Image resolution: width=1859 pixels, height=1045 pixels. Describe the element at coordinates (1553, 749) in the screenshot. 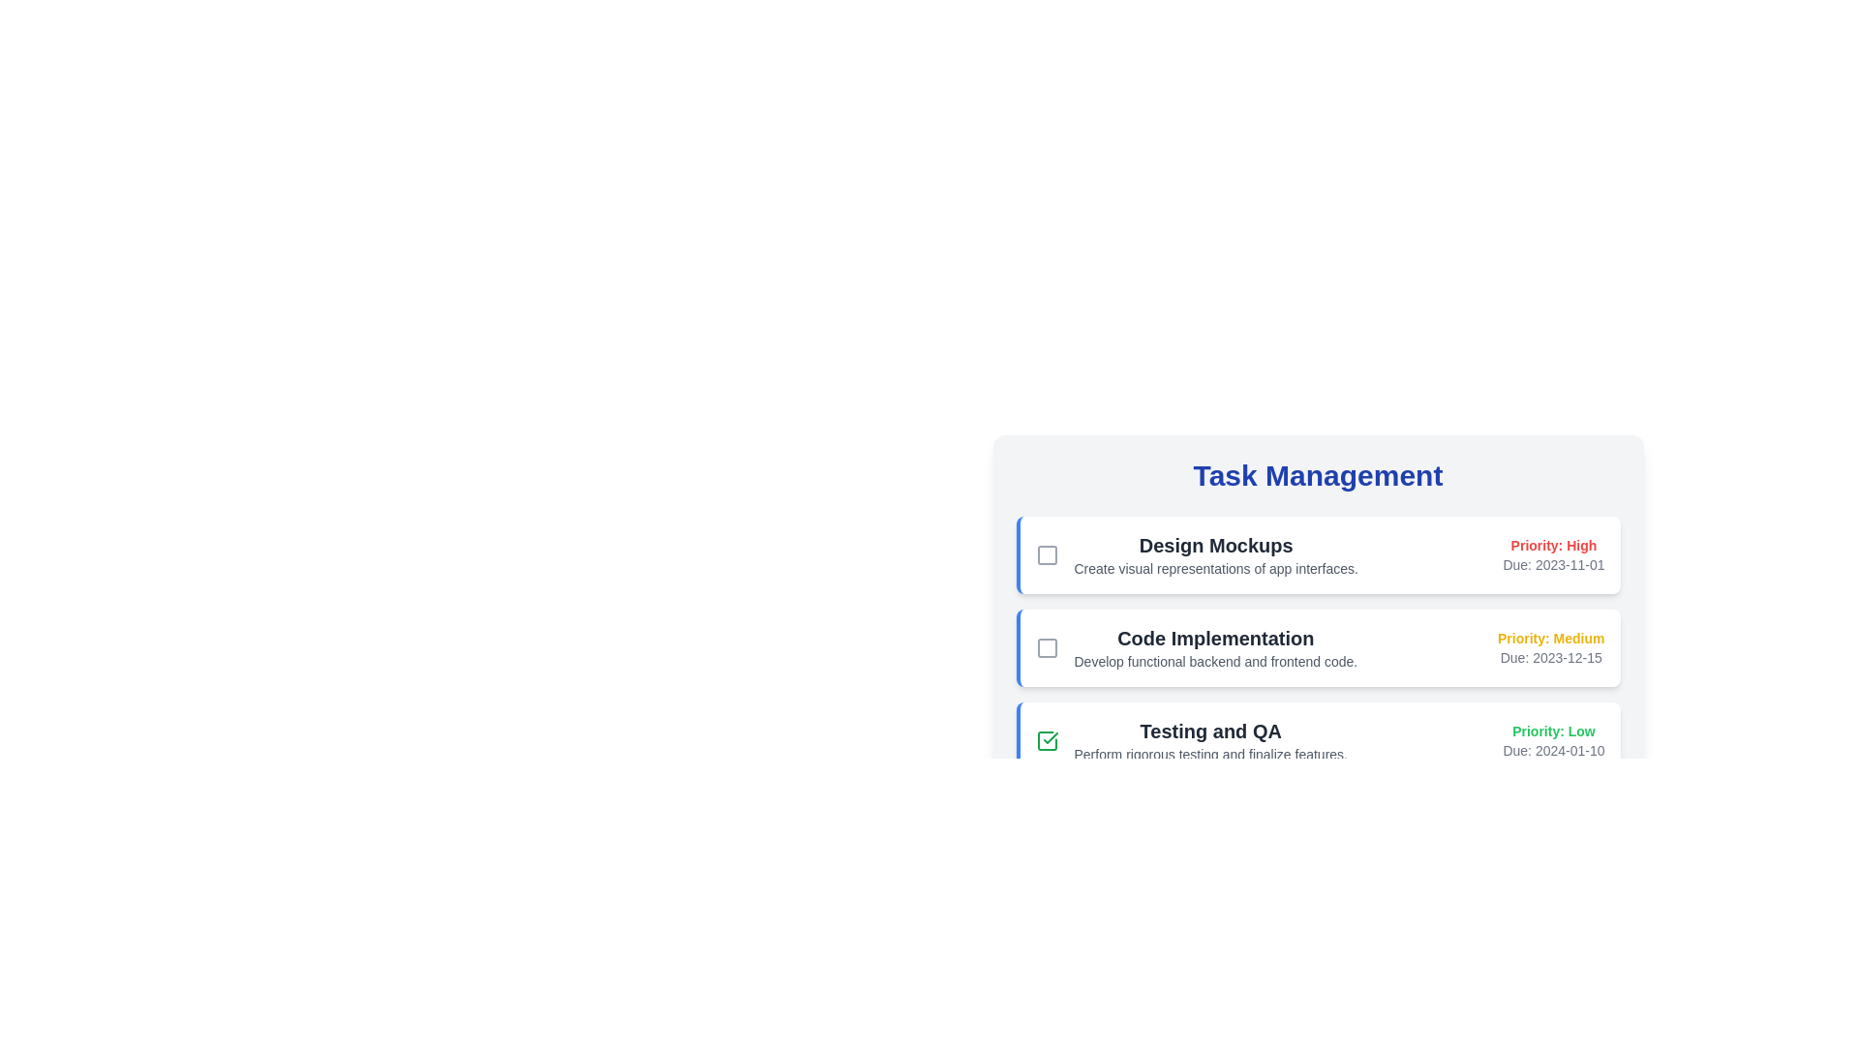

I see `the Text label displaying the due date for the 'Testing and QA' task, located at the bottom-right corner of the task card, beneath the 'Priority: Low' label` at that location.